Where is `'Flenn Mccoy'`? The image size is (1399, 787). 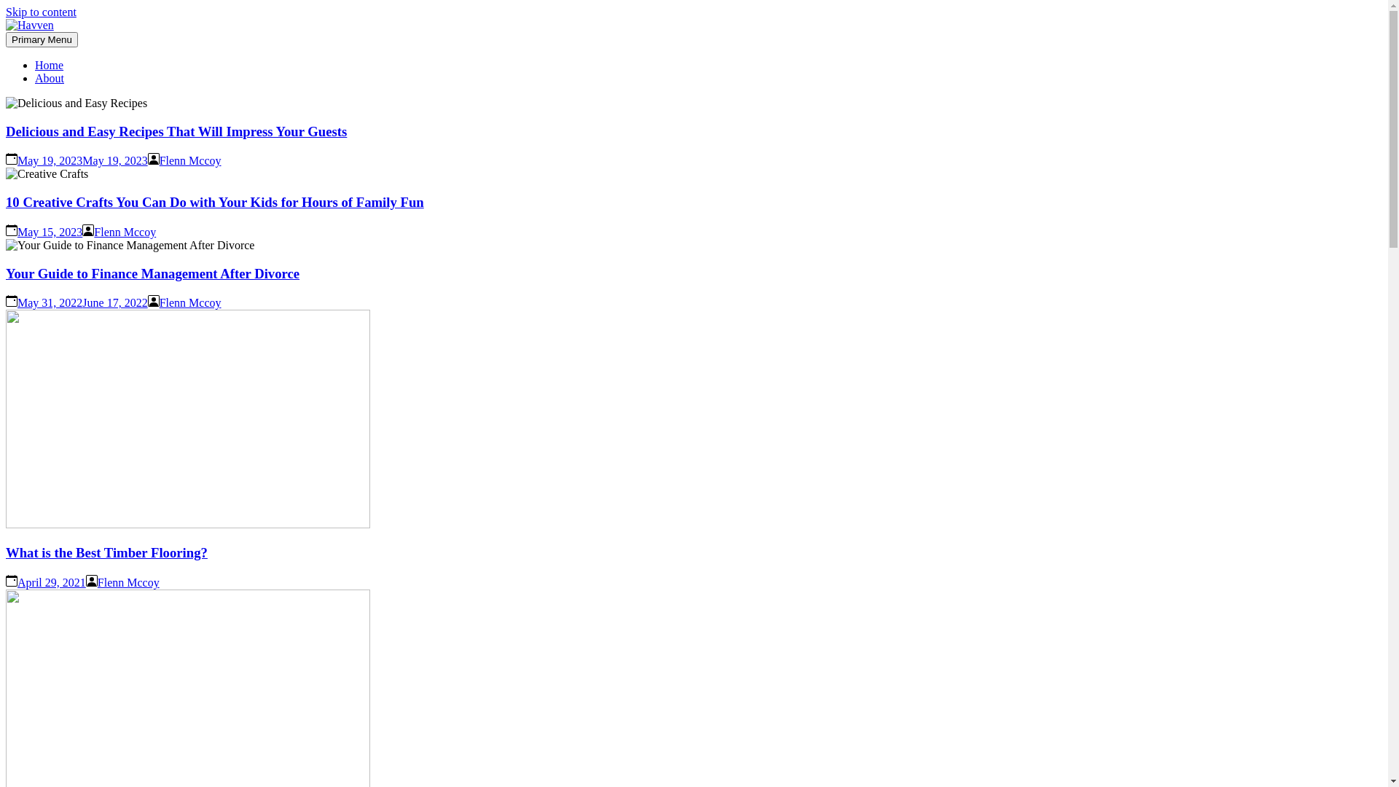 'Flenn Mccoy' is located at coordinates (160, 160).